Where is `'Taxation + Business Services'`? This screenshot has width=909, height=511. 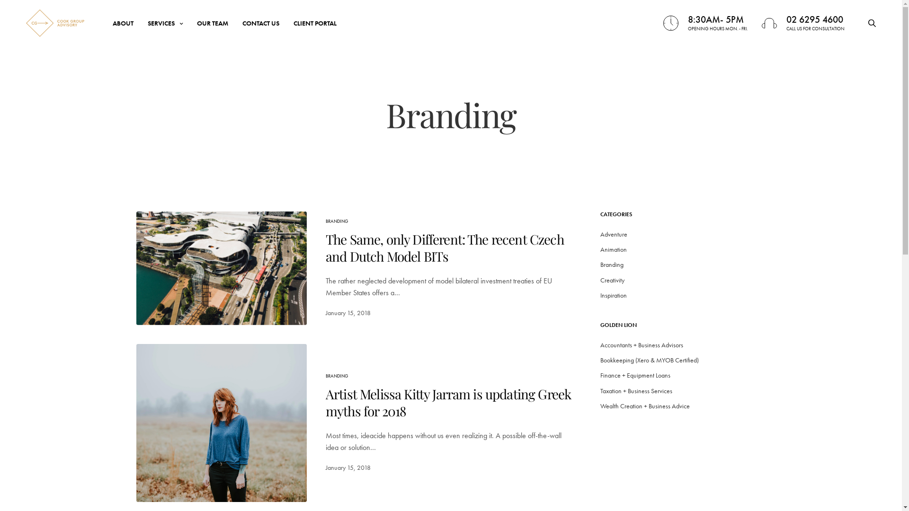 'Taxation + Business Services' is located at coordinates (636, 390).